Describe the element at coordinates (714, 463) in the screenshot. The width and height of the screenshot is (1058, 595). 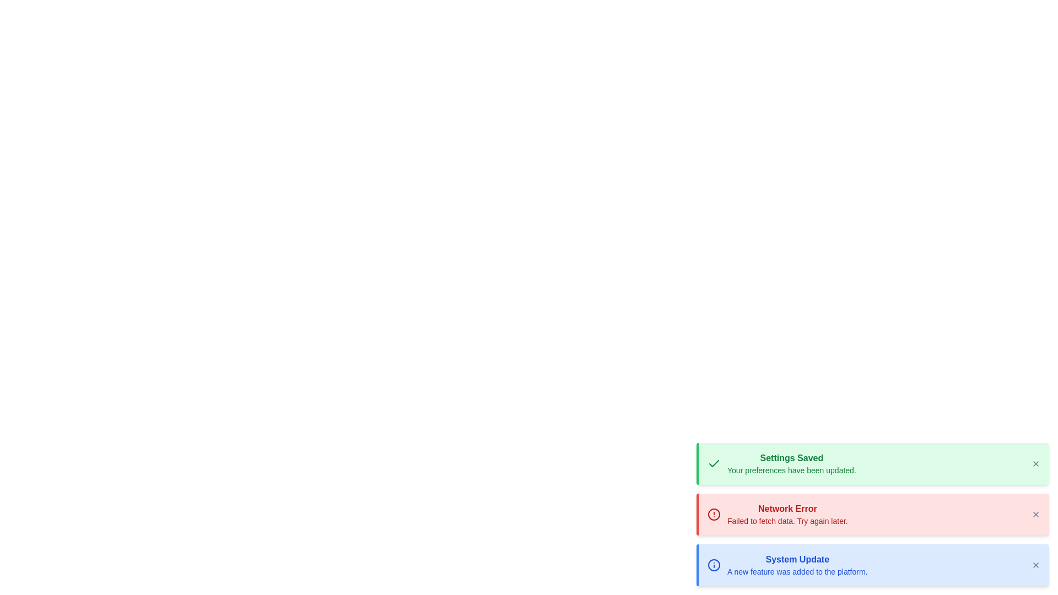
I see `the green checkmark icon located within the success notification bar above the message 'Settings Saved'` at that location.